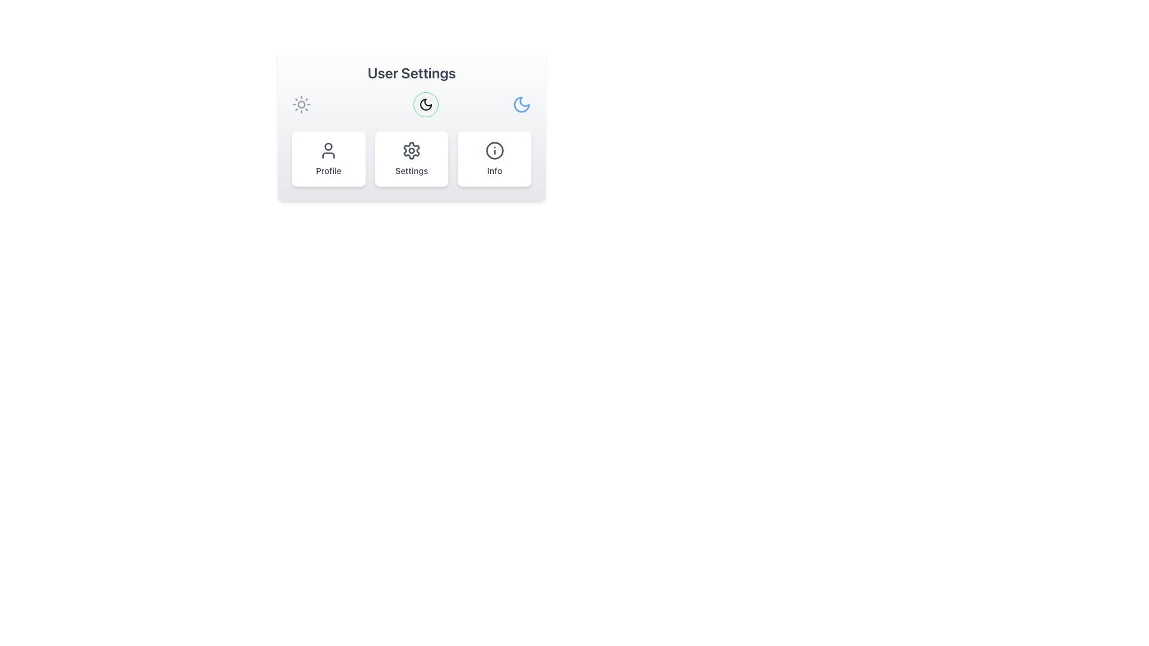 The width and height of the screenshot is (1149, 646). What do you see at coordinates (411, 159) in the screenshot?
I see `the 'Settings' button located centrally in the 'User Settings' section of the interface` at bounding box center [411, 159].